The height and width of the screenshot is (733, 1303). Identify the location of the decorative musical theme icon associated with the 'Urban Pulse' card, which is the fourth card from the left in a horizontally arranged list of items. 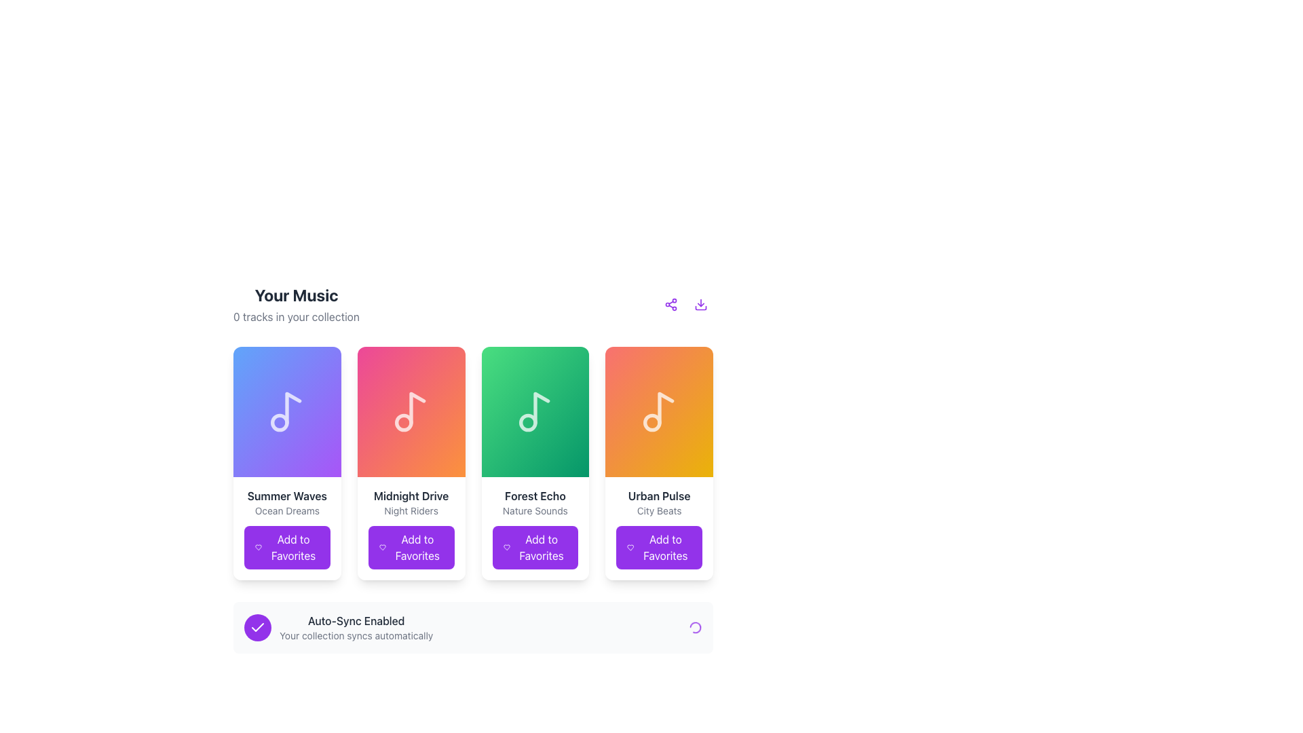
(665, 407).